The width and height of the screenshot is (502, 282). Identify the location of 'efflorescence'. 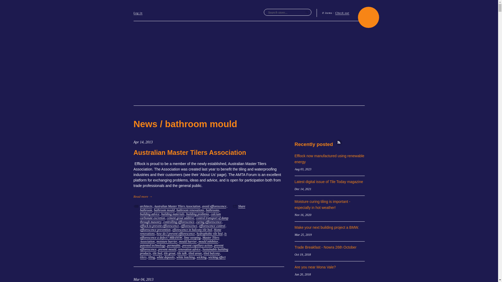
(189, 226).